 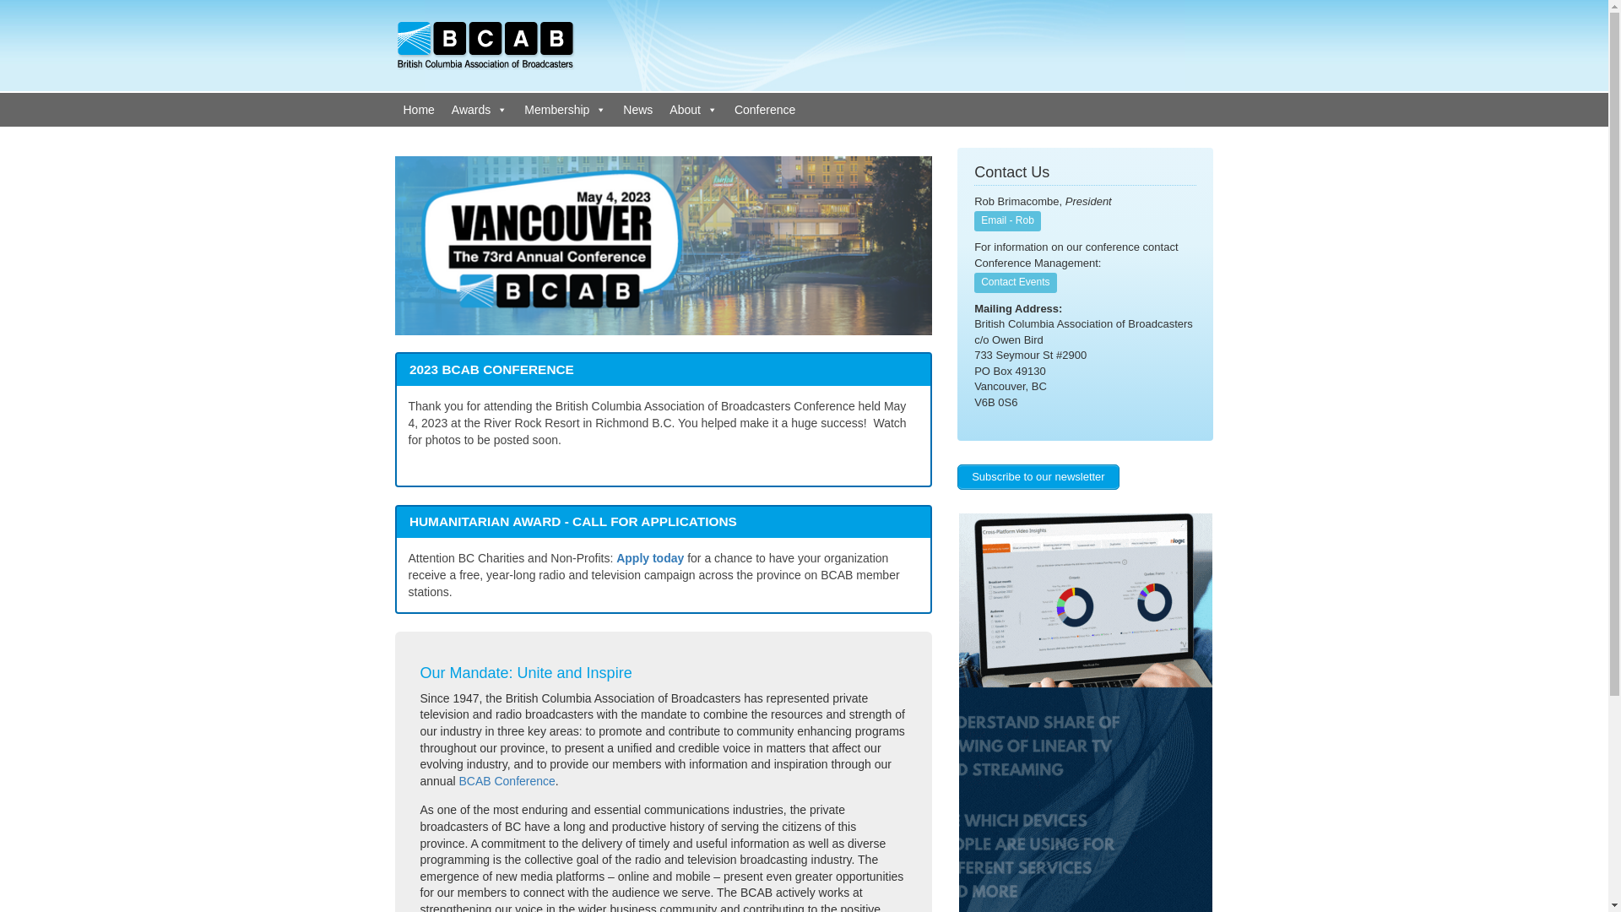 I want to click on 'About', so click(x=693, y=110).